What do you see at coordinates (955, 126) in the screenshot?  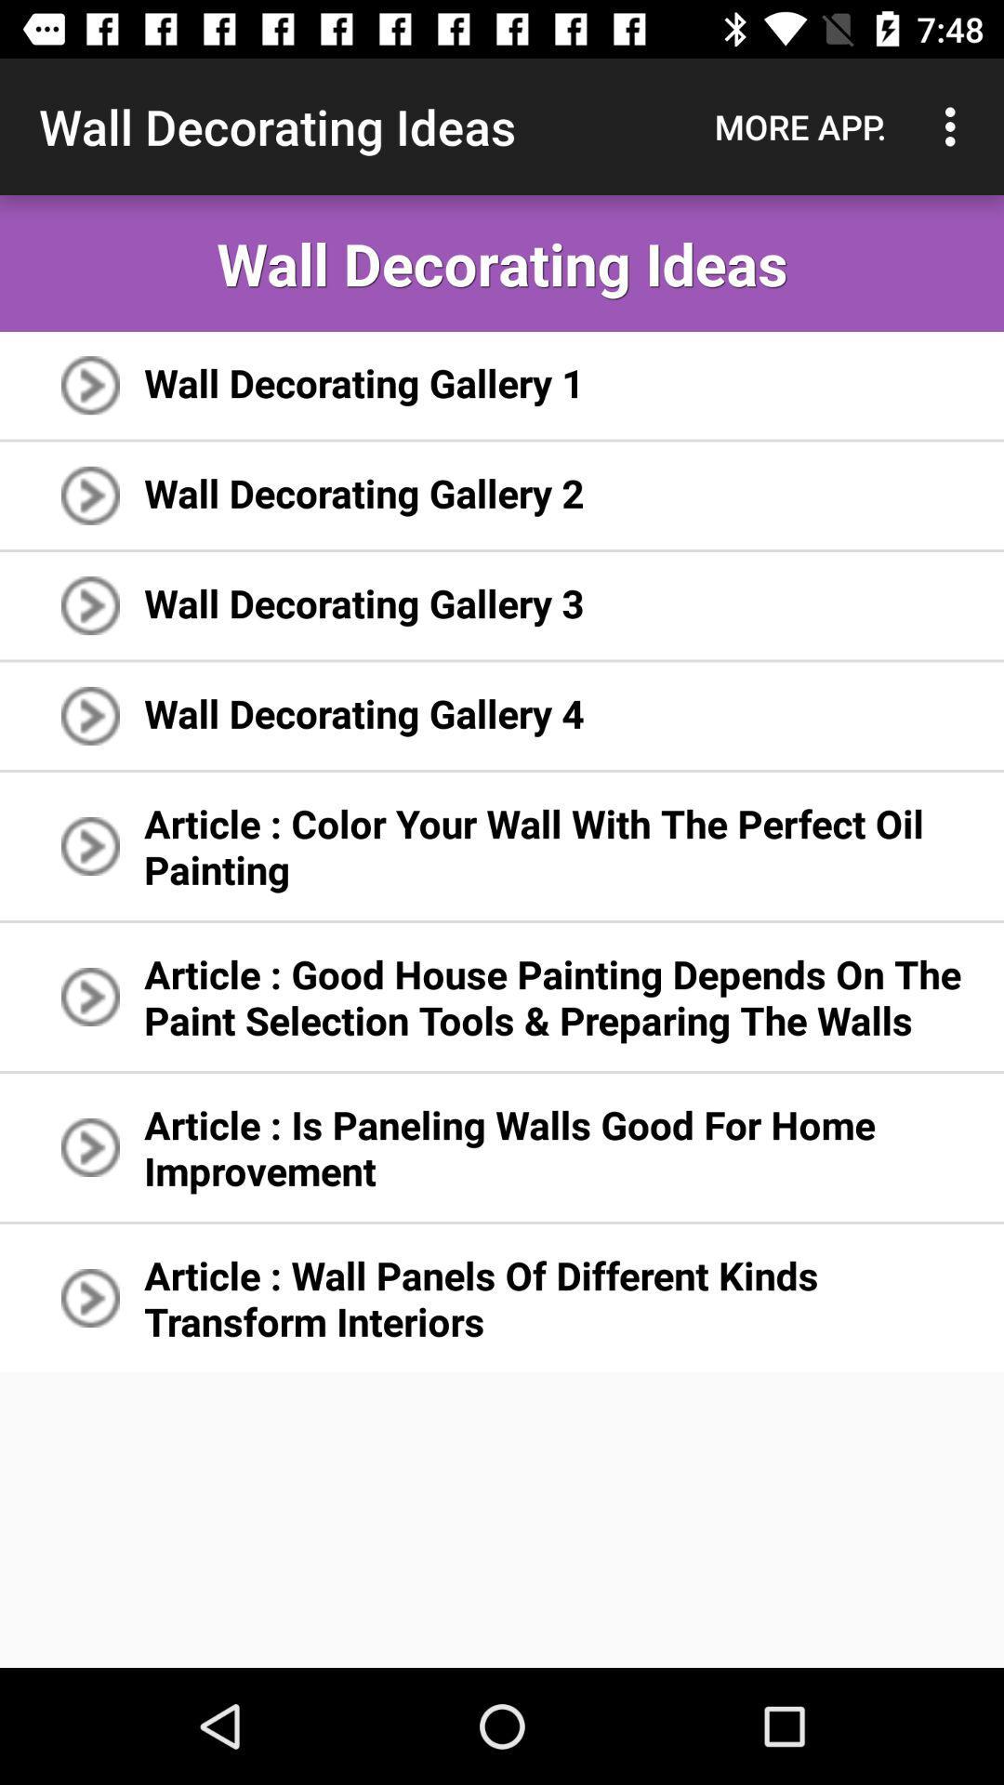 I see `item next to the more app.` at bounding box center [955, 126].